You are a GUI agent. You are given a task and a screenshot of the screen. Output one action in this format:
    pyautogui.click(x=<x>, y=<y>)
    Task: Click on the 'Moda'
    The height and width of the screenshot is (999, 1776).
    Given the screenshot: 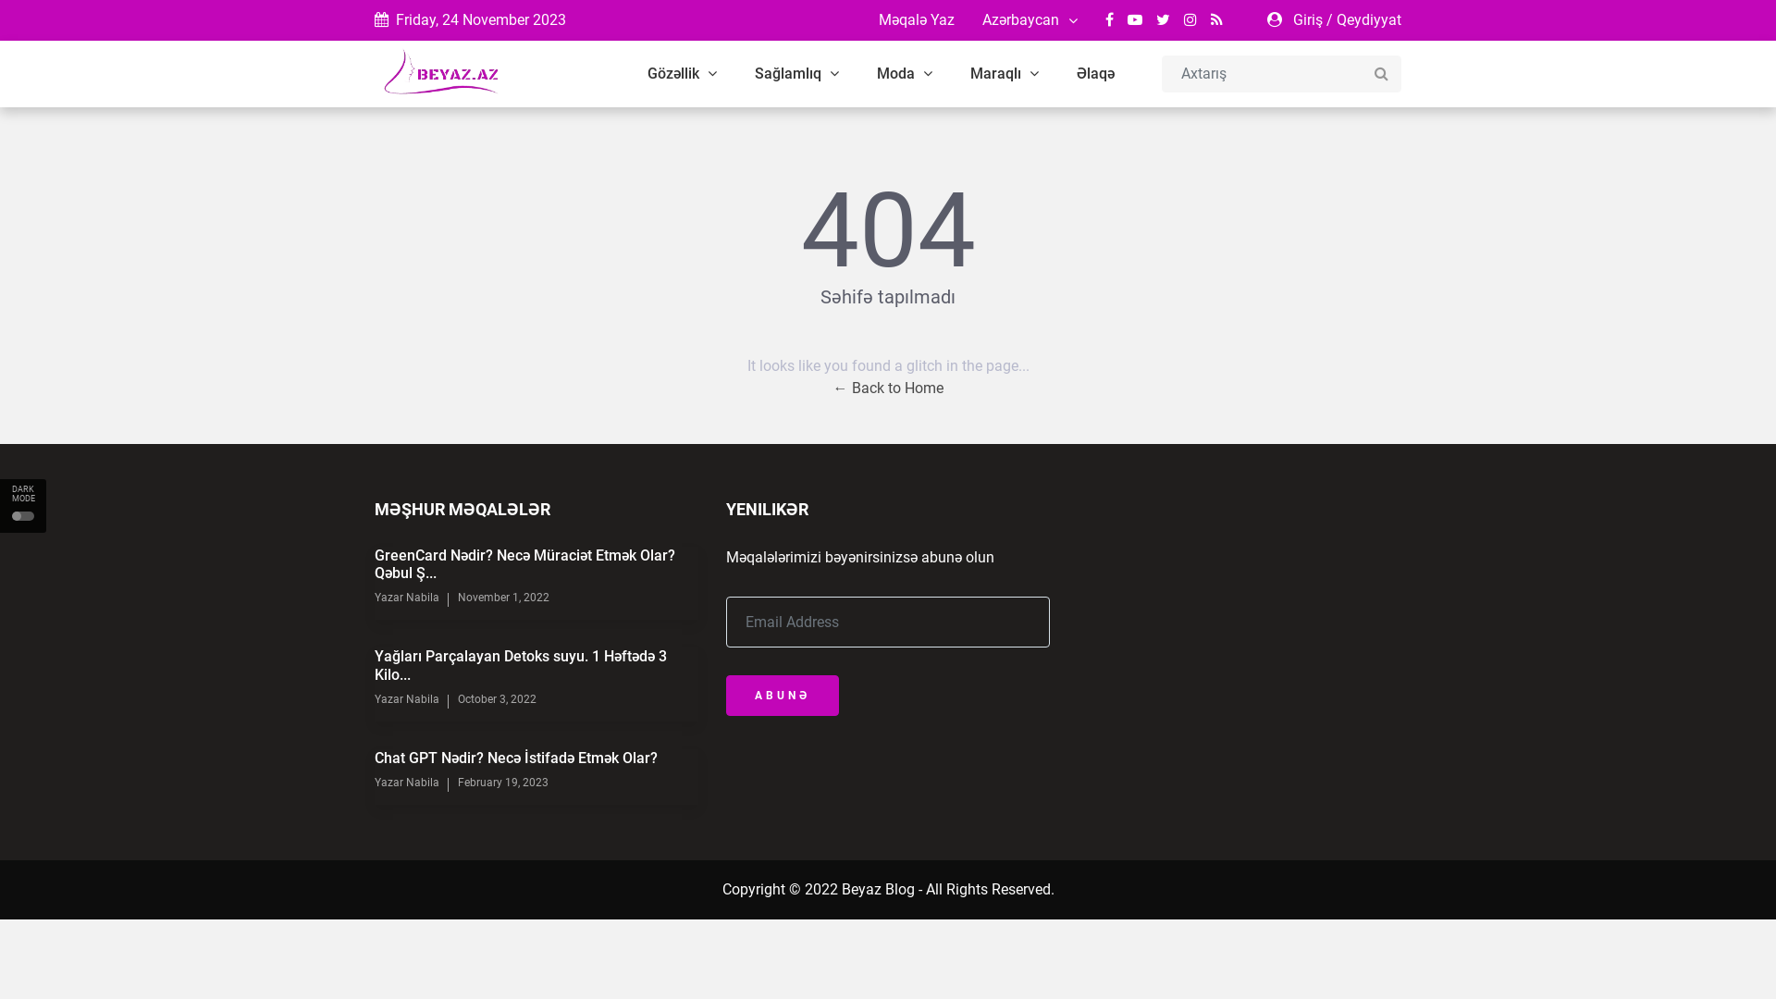 What is the action you would take?
    pyautogui.click(x=905, y=73)
    